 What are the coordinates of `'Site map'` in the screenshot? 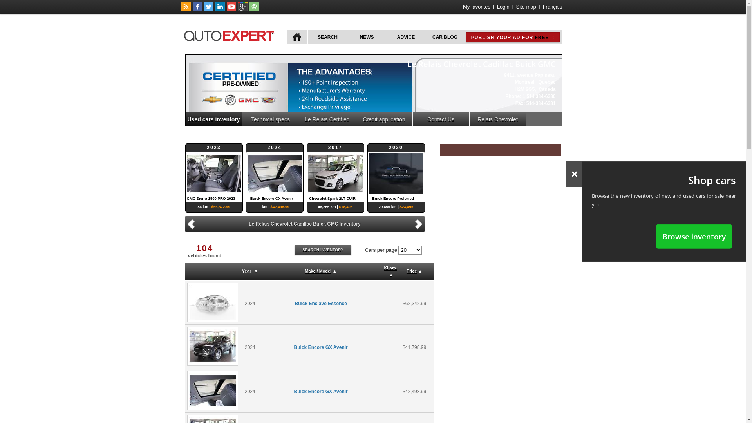 It's located at (526, 7).